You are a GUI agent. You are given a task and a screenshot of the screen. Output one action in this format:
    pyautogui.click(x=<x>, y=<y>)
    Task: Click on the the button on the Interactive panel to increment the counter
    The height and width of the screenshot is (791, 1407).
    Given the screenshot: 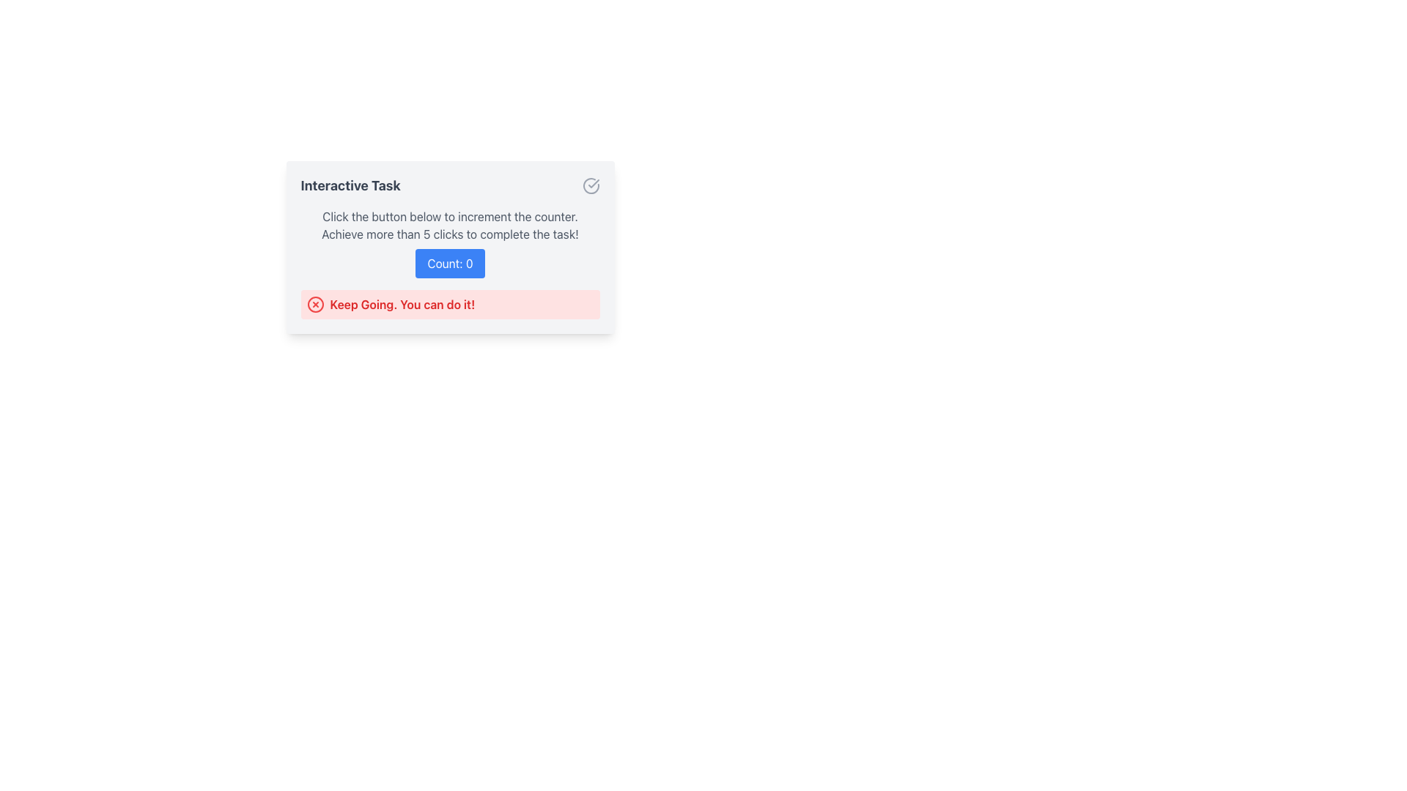 What is the action you would take?
    pyautogui.click(x=449, y=247)
    